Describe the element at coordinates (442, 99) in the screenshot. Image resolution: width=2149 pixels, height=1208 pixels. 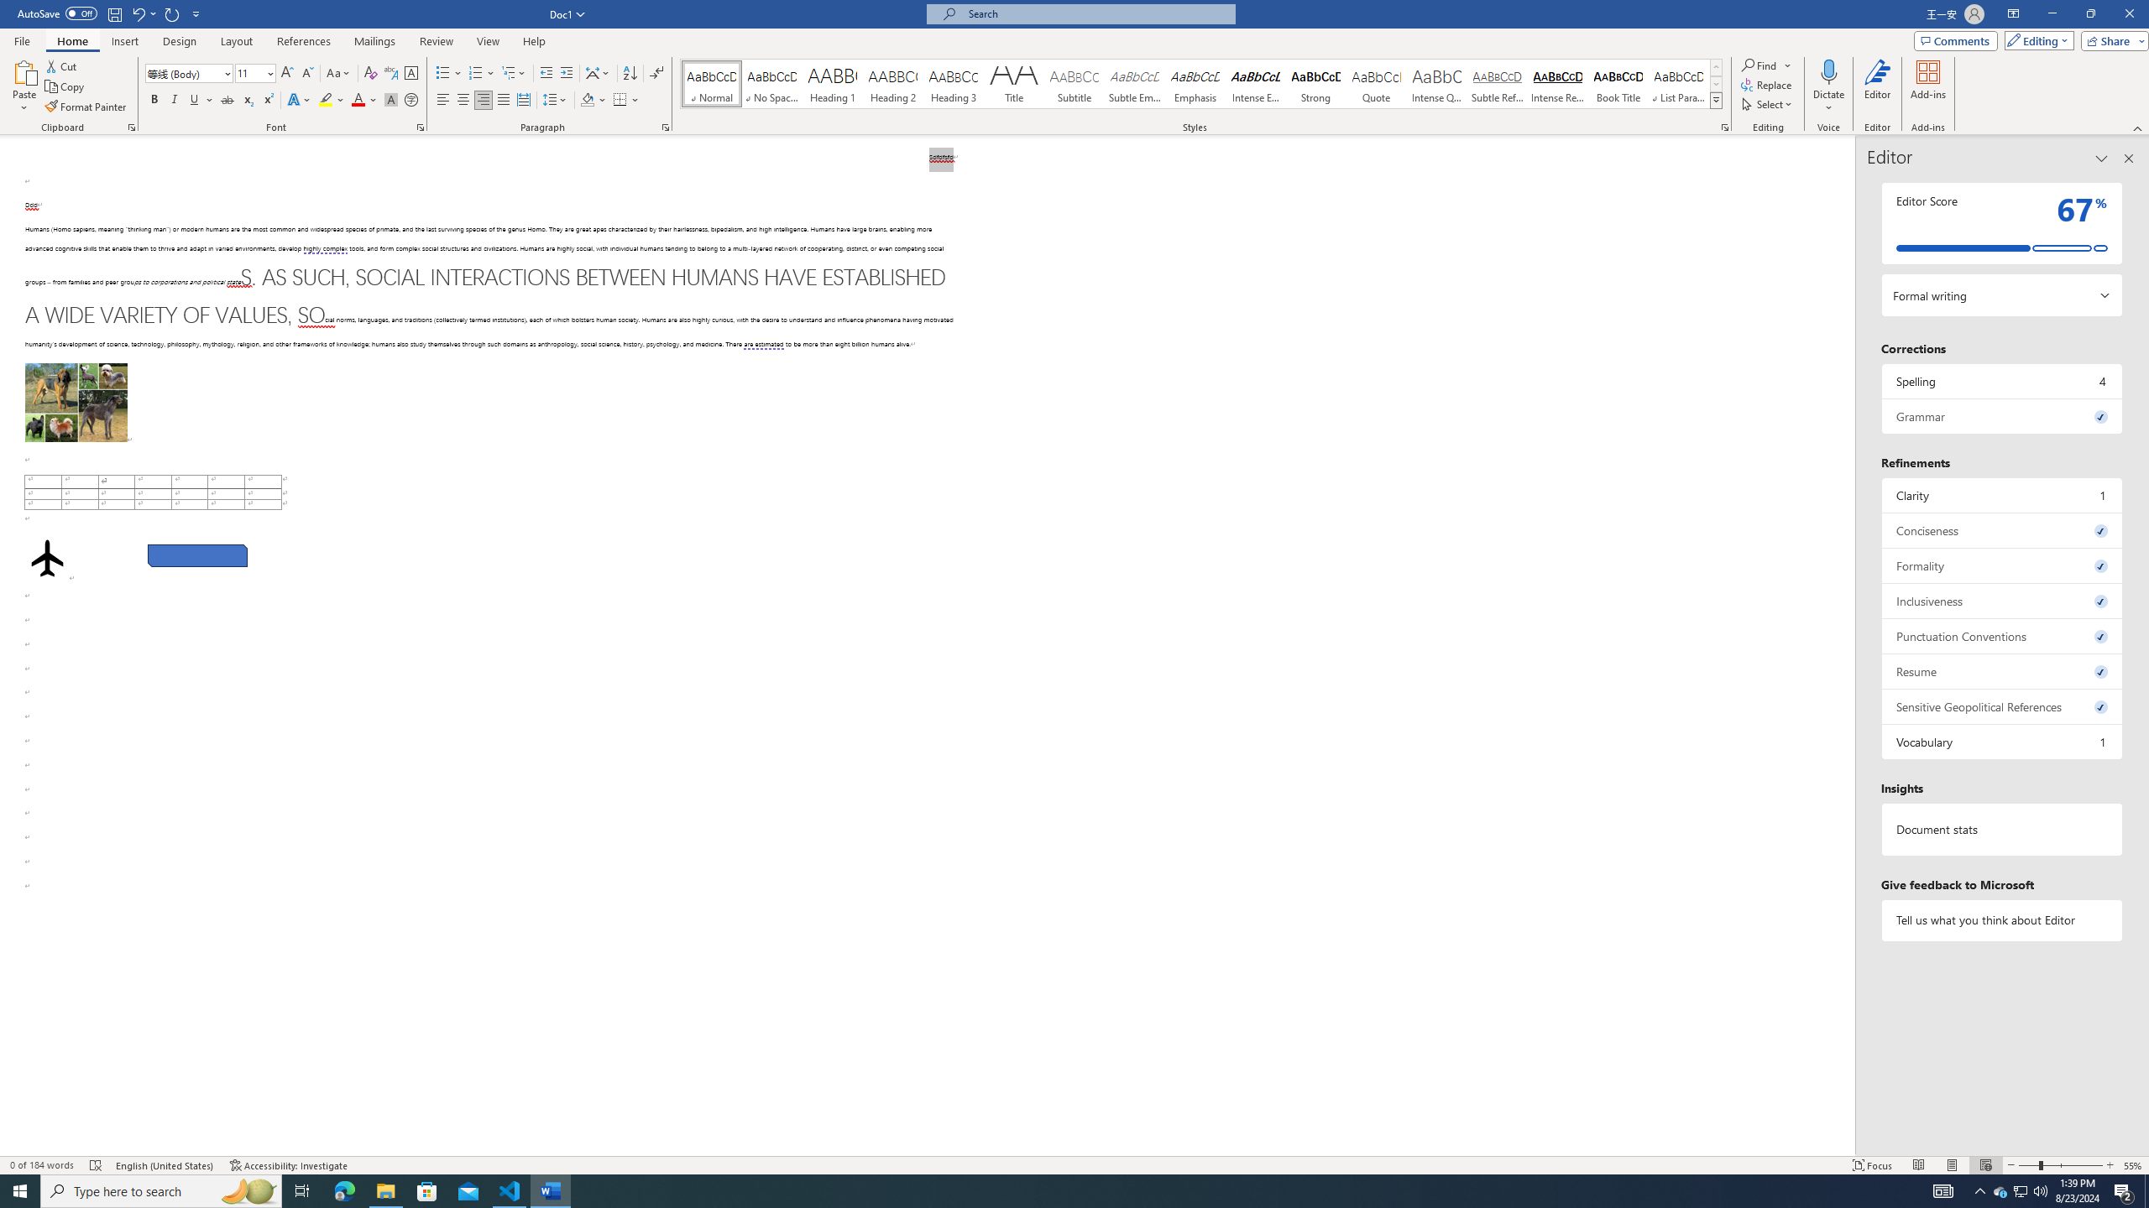
I see `'Align Left'` at that location.